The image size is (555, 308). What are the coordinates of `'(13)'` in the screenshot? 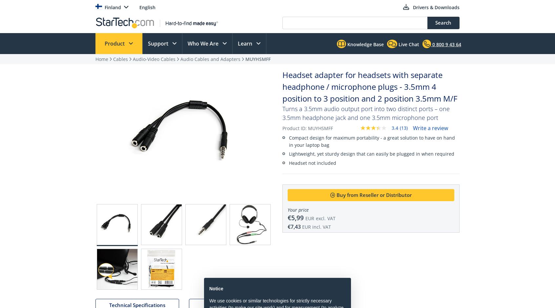 It's located at (403, 127).